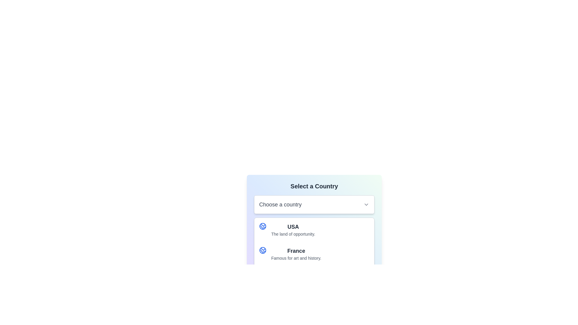  I want to click on the second option in the dropdown menu labeled 'Choose a country', so click(314, 248).